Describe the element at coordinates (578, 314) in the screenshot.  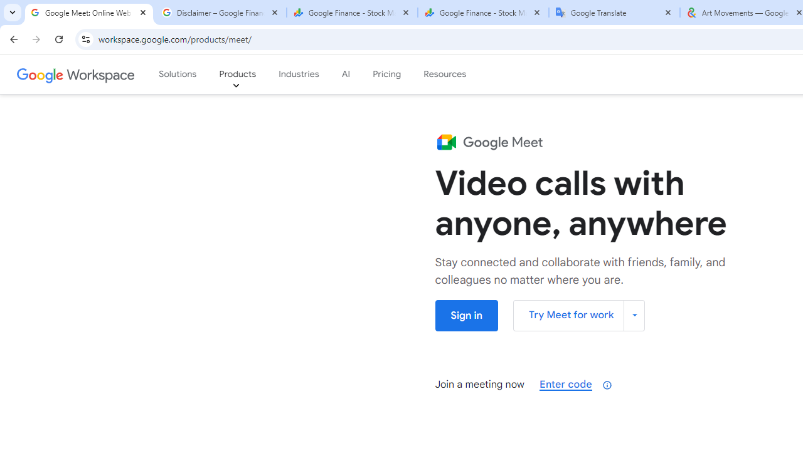
I see `'Try Meet for work'` at that location.